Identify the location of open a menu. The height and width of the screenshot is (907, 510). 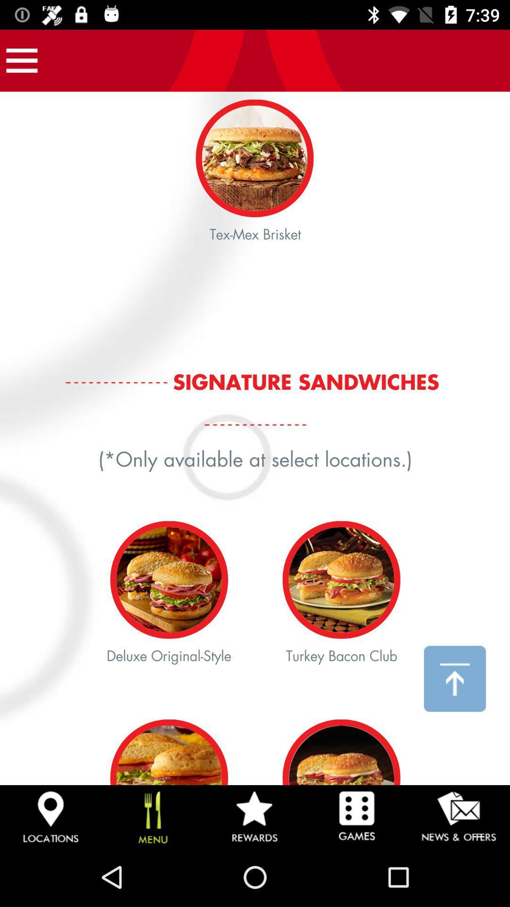
(21, 60).